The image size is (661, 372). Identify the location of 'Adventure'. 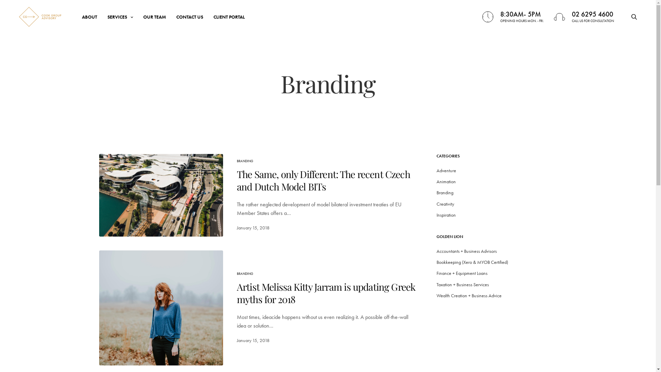
(446, 170).